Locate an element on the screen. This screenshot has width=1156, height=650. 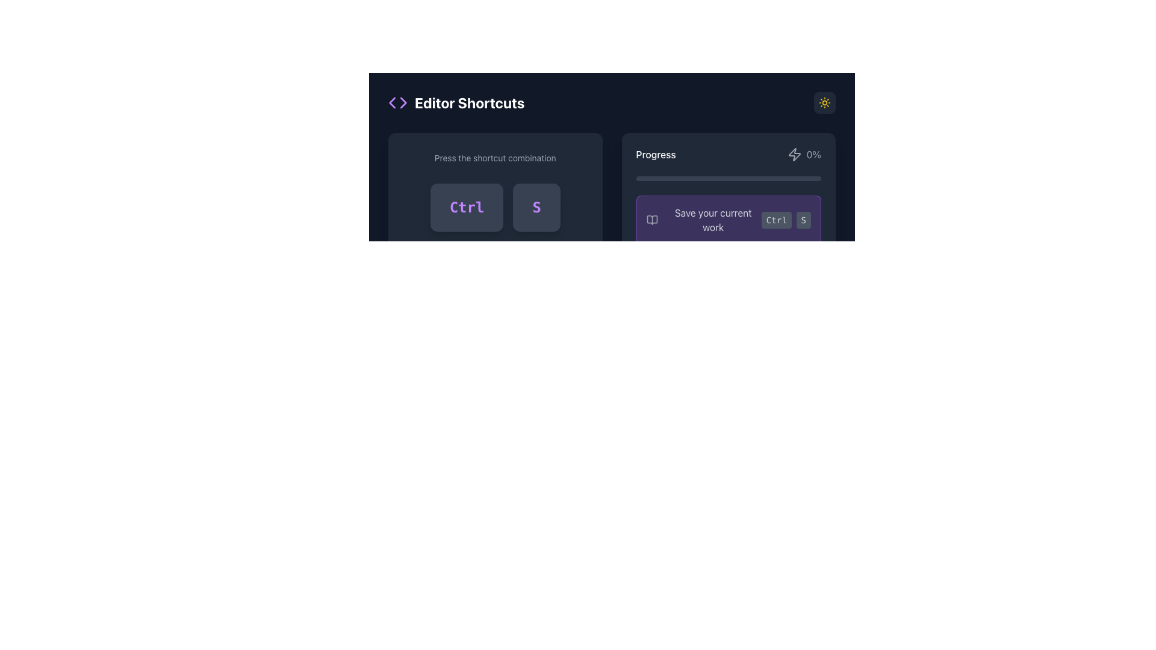
the progress visually by focusing on the horizontal progress bar located under the 'Progress' section, which currently shows 0 percent is located at coordinates (728, 179).